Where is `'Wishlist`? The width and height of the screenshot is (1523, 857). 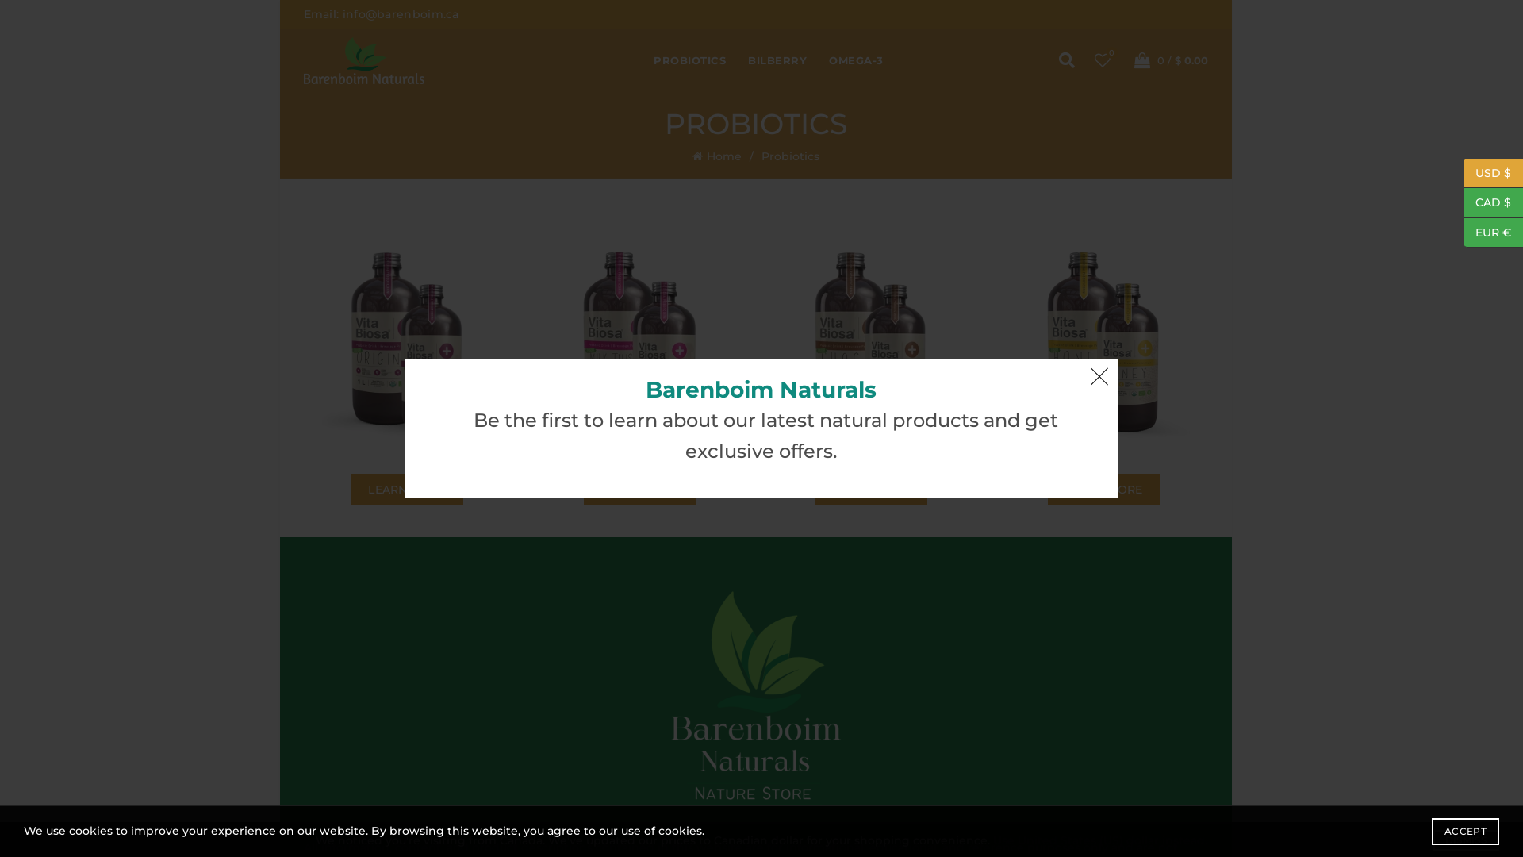
'Wishlist is located at coordinates (1088, 60).